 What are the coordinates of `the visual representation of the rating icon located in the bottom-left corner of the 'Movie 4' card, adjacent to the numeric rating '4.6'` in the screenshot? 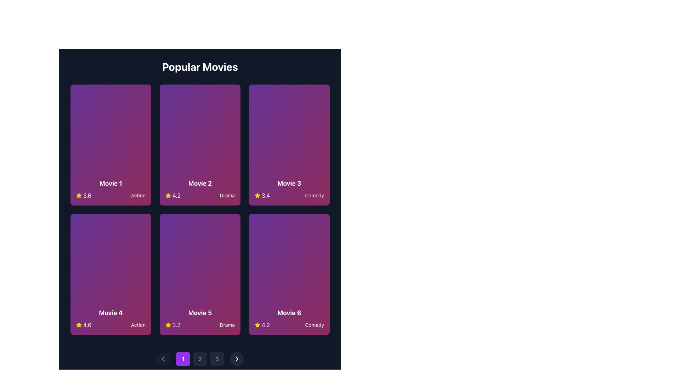 It's located at (79, 325).